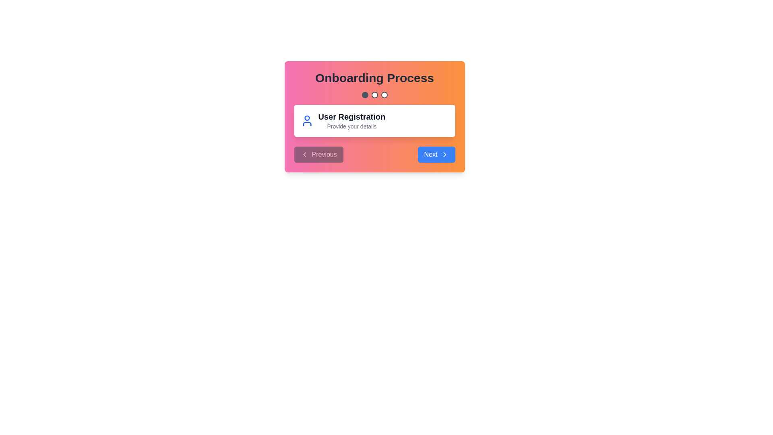  Describe the element at coordinates (351, 121) in the screenshot. I see `the text block that serves as a header for the user registration step, located beneath 'Onboarding Process' and above 'Previous' and 'Next' buttons` at that location.